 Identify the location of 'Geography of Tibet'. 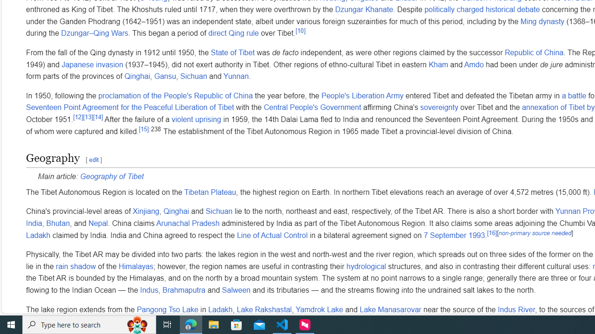
(112, 177).